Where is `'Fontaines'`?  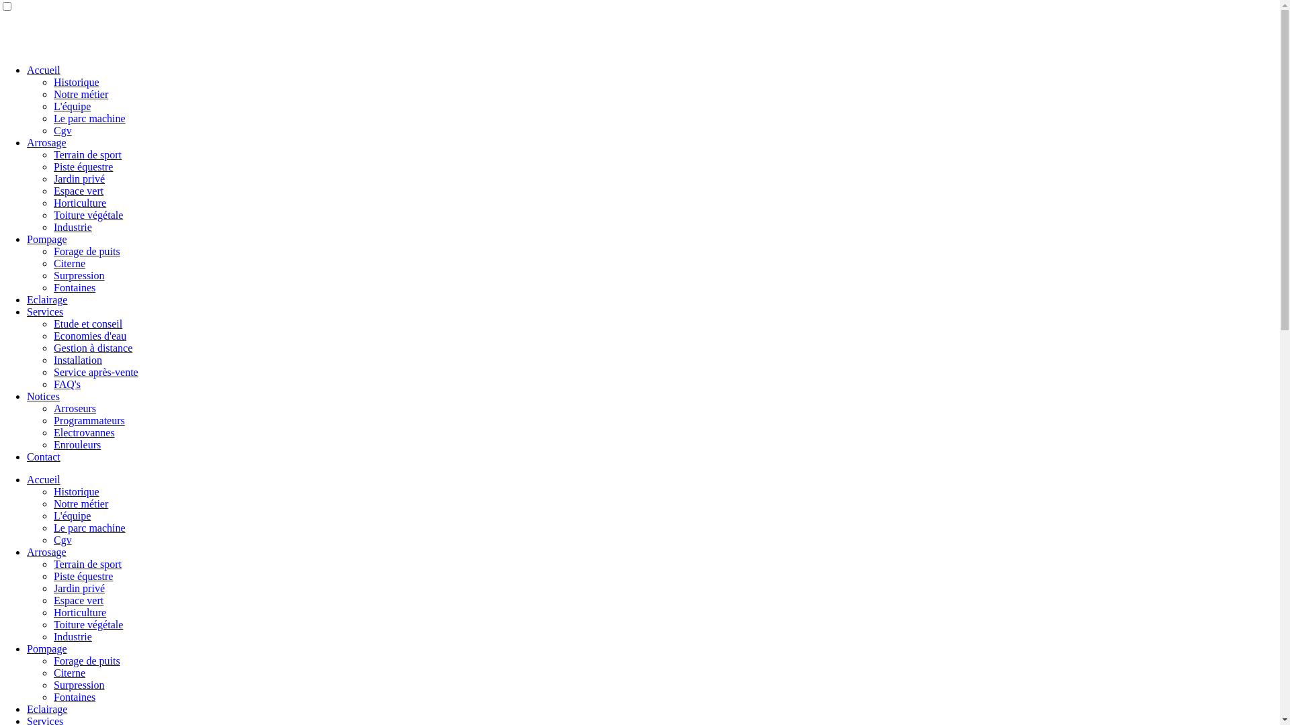 'Fontaines' is located at coordinates (73, 696).